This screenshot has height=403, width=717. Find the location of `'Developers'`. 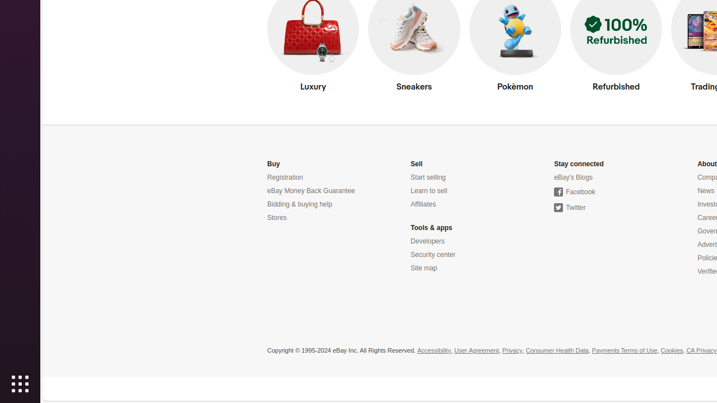

'Developers' is located at coordinates (427, 241).